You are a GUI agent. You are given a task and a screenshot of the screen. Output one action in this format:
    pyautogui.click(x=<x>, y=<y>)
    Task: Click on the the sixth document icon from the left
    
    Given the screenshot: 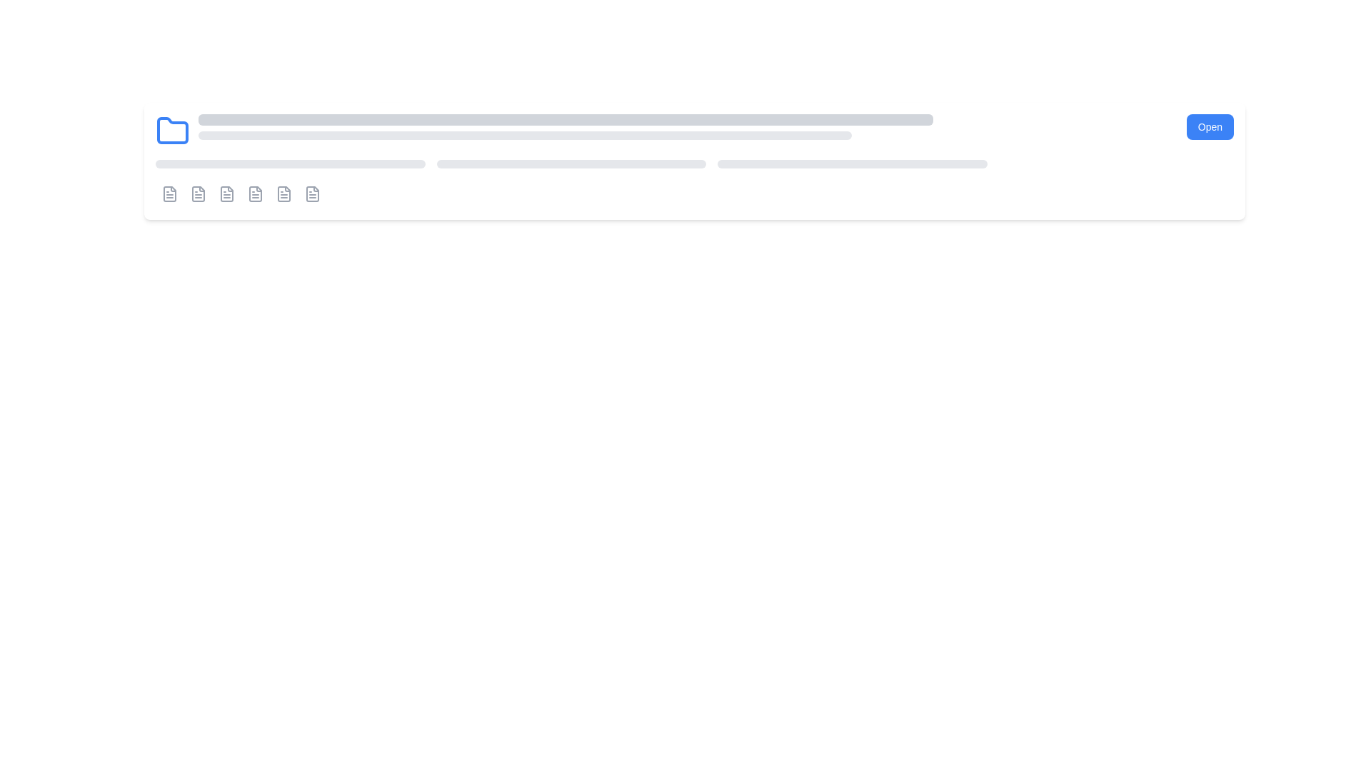 What is the action you would take?
    pyautogui.click(x=311, y=194)
    